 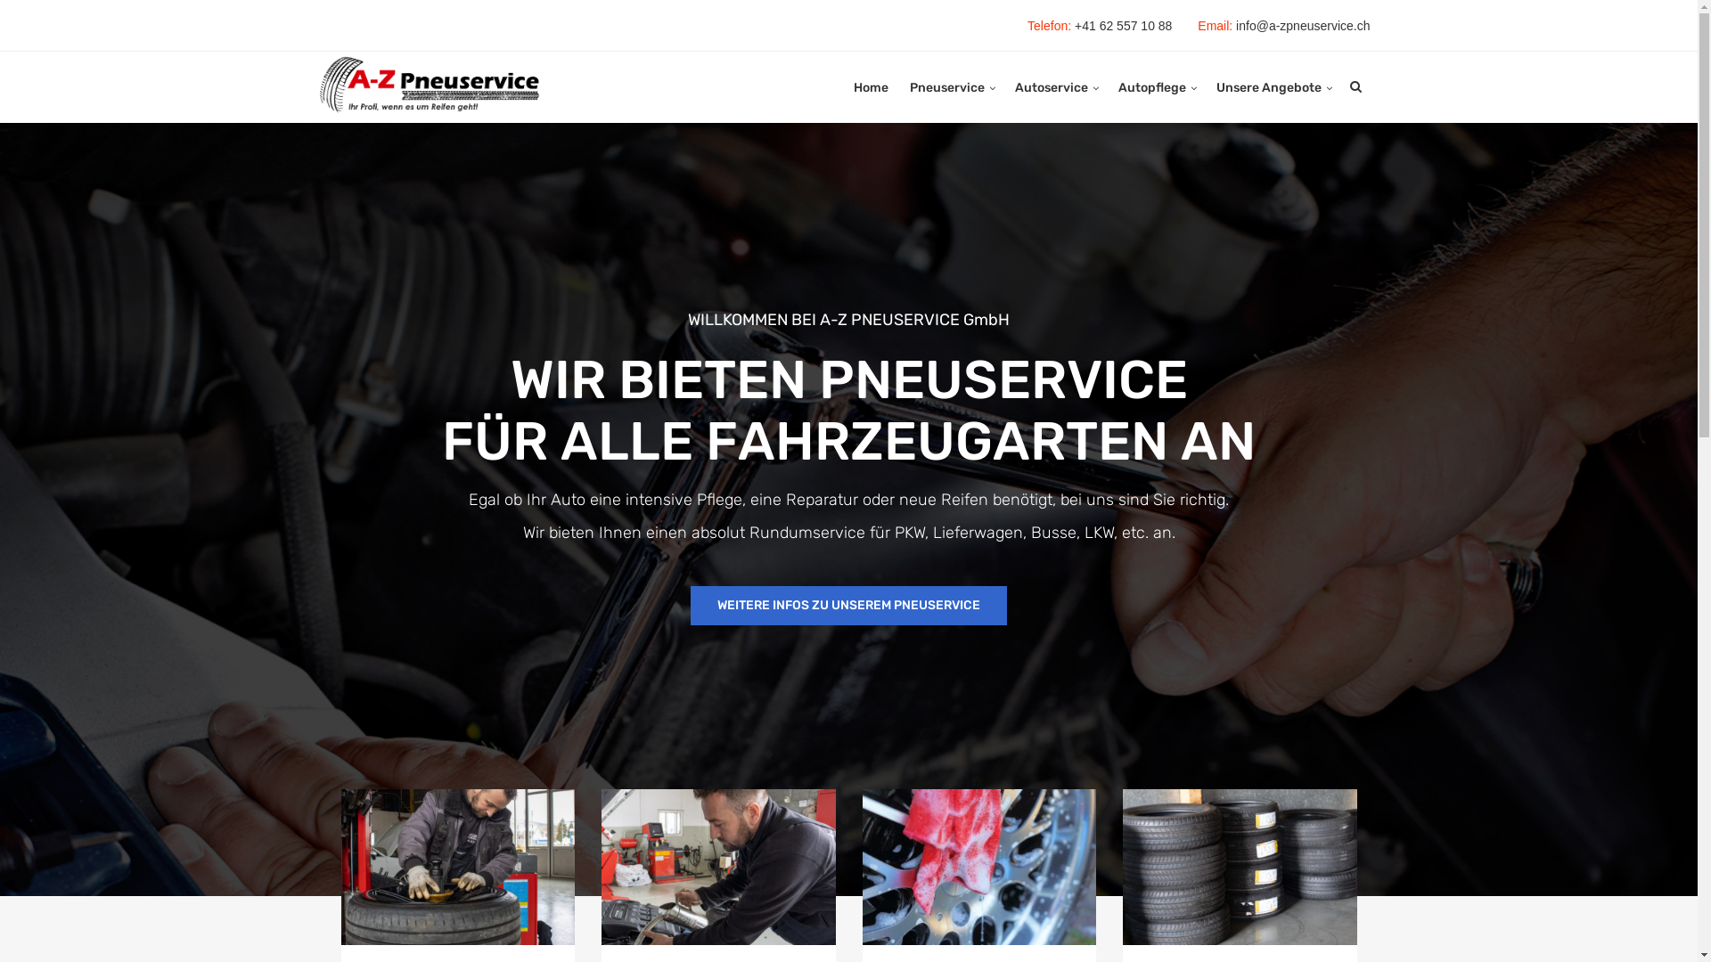 I want to click on 'Home', so click(x=853, y=88).